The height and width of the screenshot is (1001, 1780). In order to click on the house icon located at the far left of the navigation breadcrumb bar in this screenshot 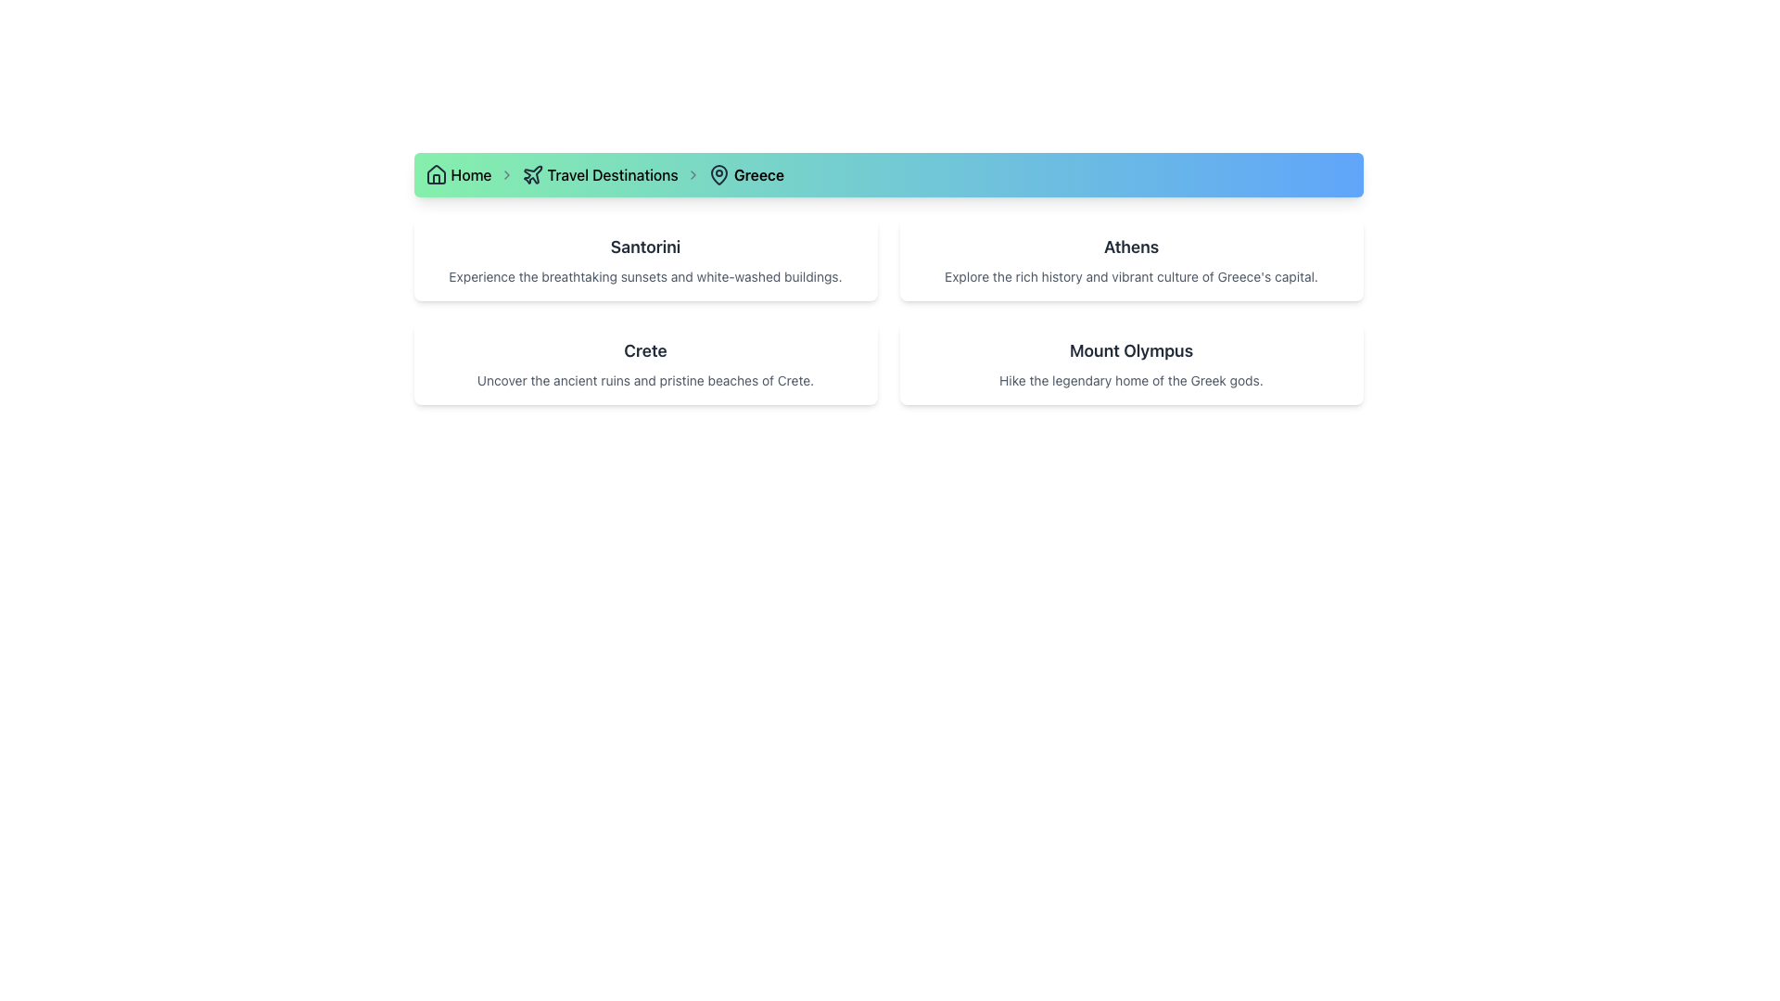, I will do `click(435, 175)`.